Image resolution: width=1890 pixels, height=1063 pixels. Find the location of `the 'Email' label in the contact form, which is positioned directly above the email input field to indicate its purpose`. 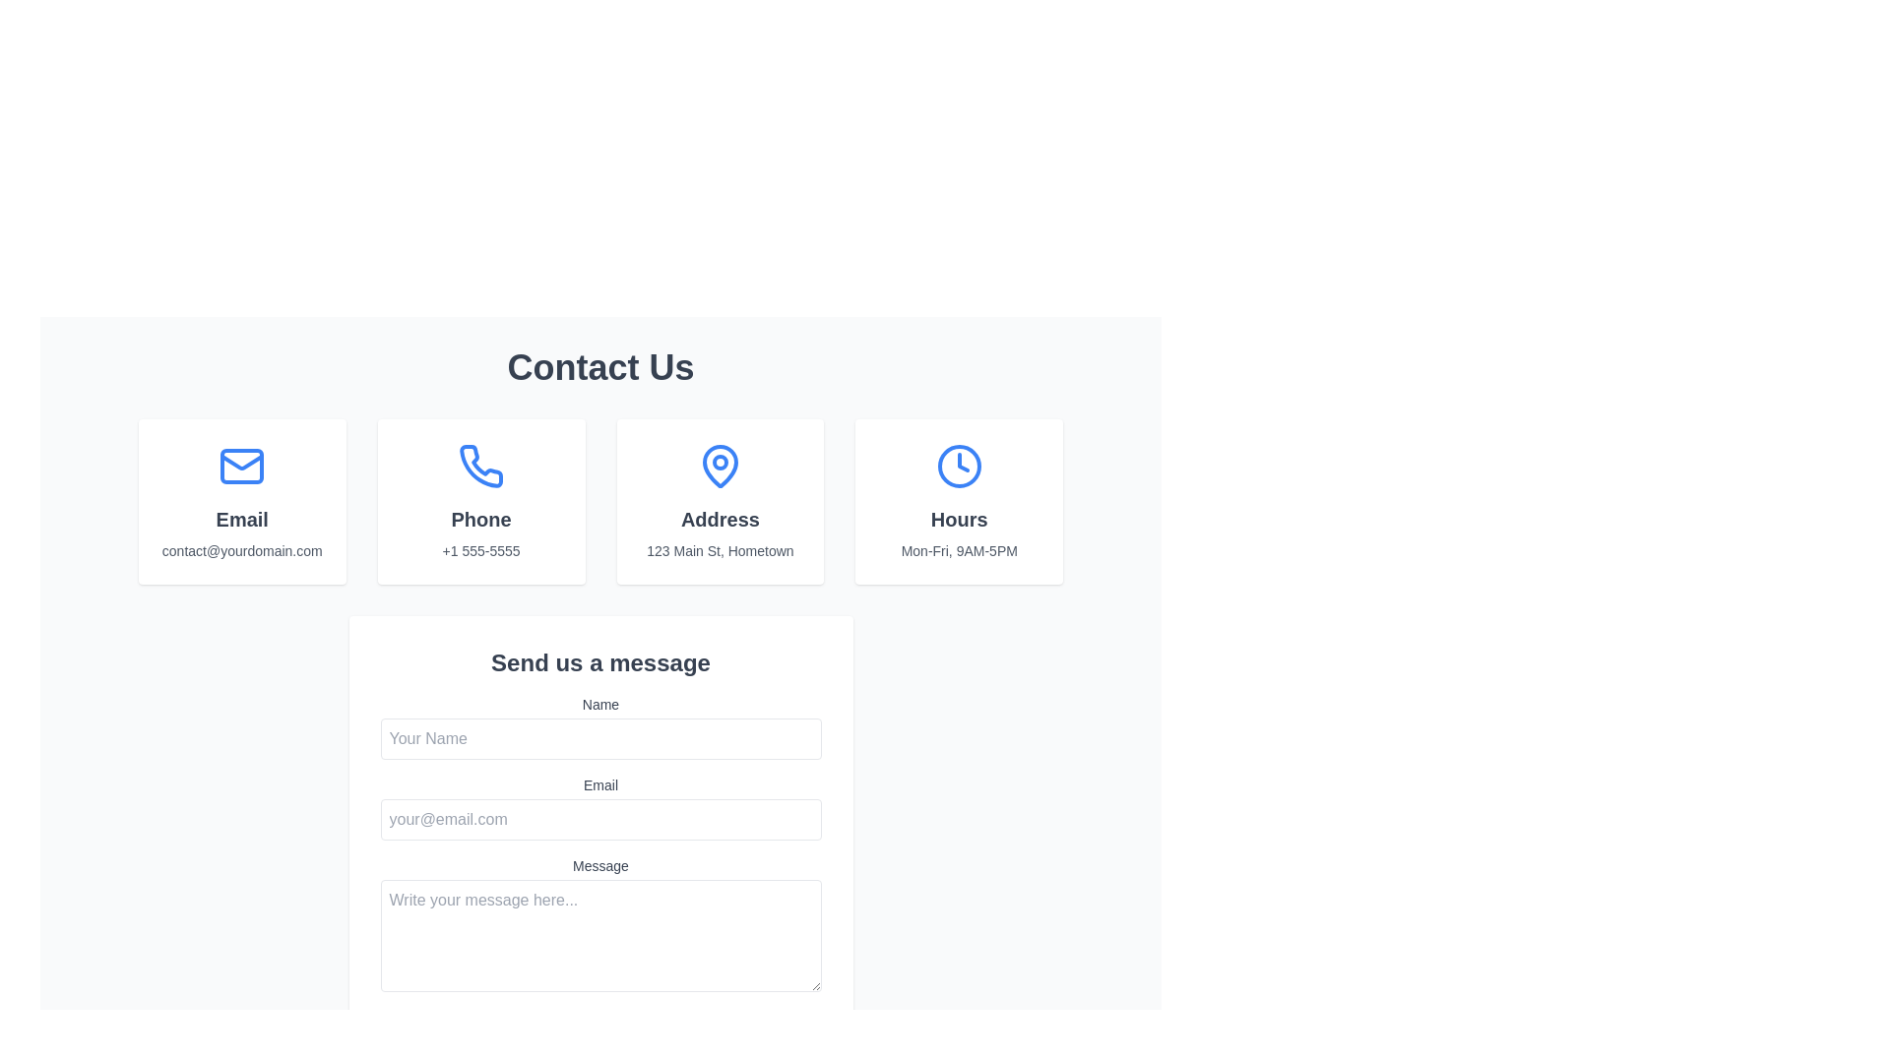

the 'Email' label in the contact form, which is positioned directly above the email input field to indicate its purpose is located at coordinates (599, 784).